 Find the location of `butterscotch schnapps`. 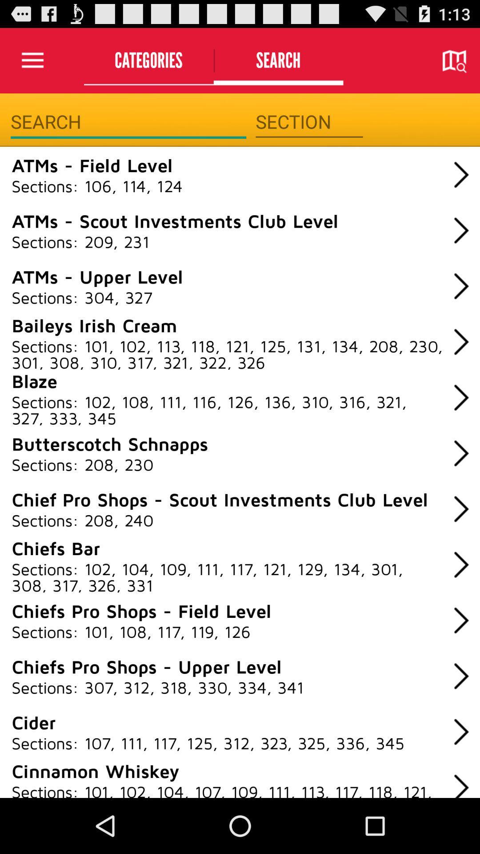

butterscotch schnapps is located at coordinates (109, 443).